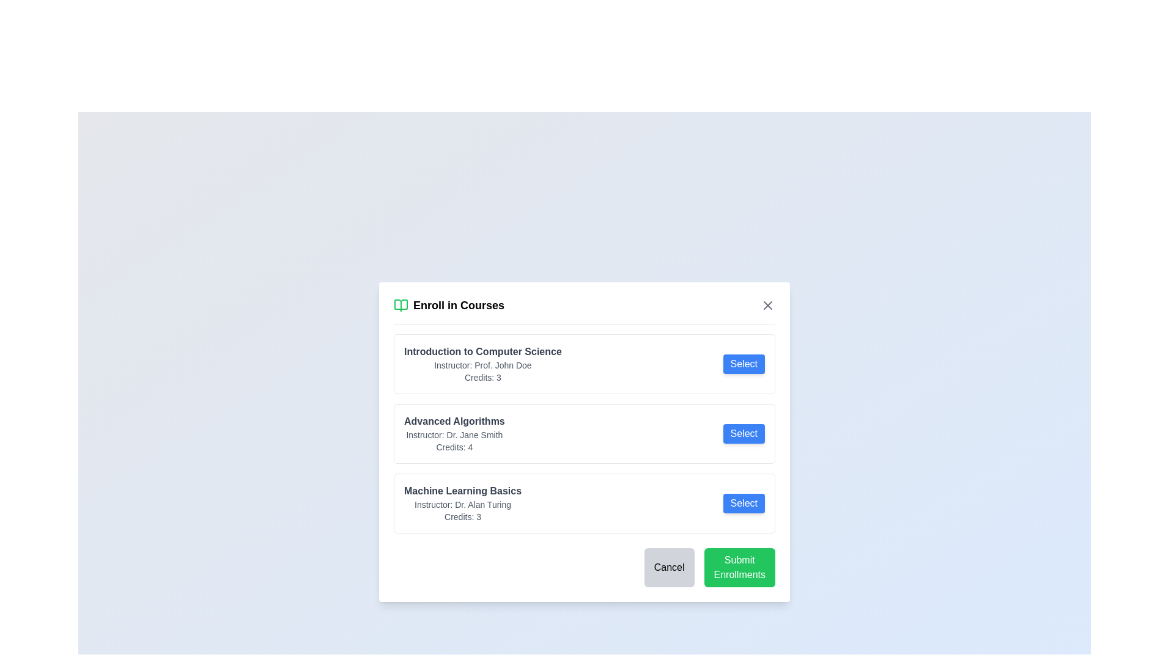  Describe the element at coordinates (743, 503) in the screenshot. I see `the button that triggers the selection of the course 'Machine Learning Basics', located at the bottom of the course details list, aligned with 'Instructor: Dr. Alan Turing' and 'Credits: 3'` at that location.